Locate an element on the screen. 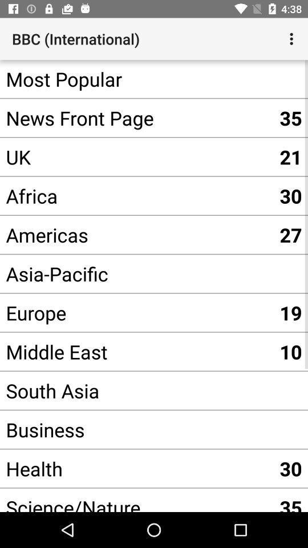 This screenshot has width=308, height=548. the item above 27 is located at coordinates (136, 196).